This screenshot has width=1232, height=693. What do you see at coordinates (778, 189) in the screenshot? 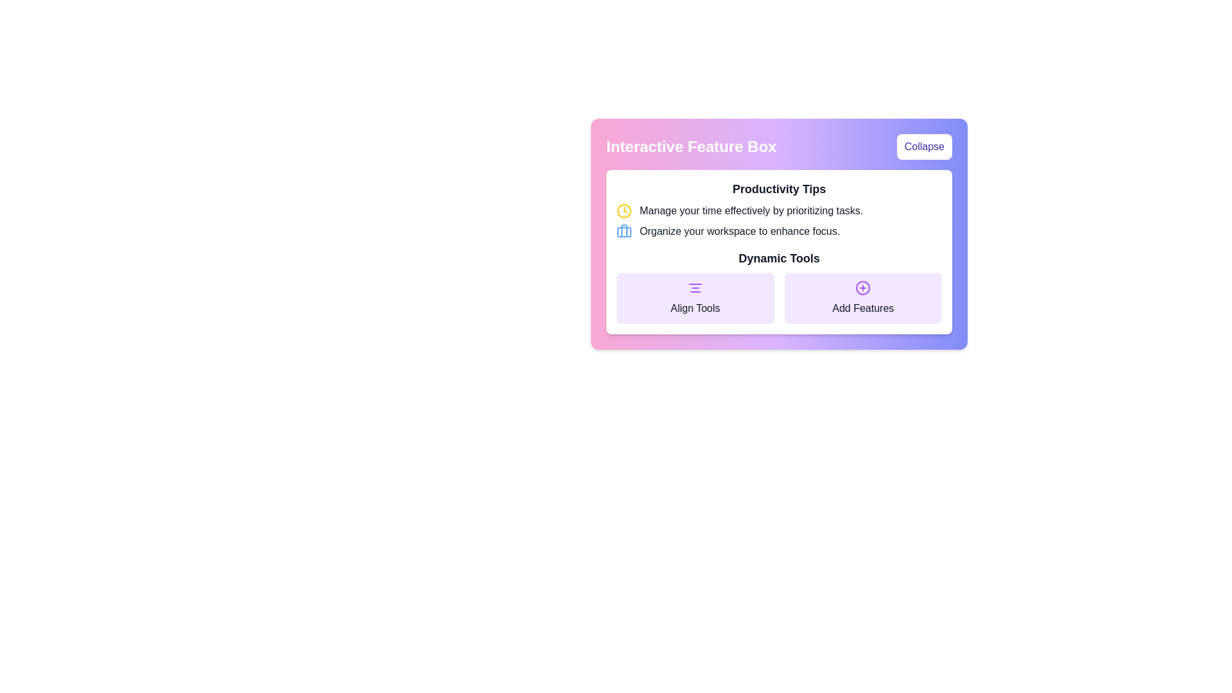
I see `the 'Productivity Tips' text header, which is styled with a bold and larger font size, located at the top of a section featuring productivity advice` at bounding box center [778, 189].